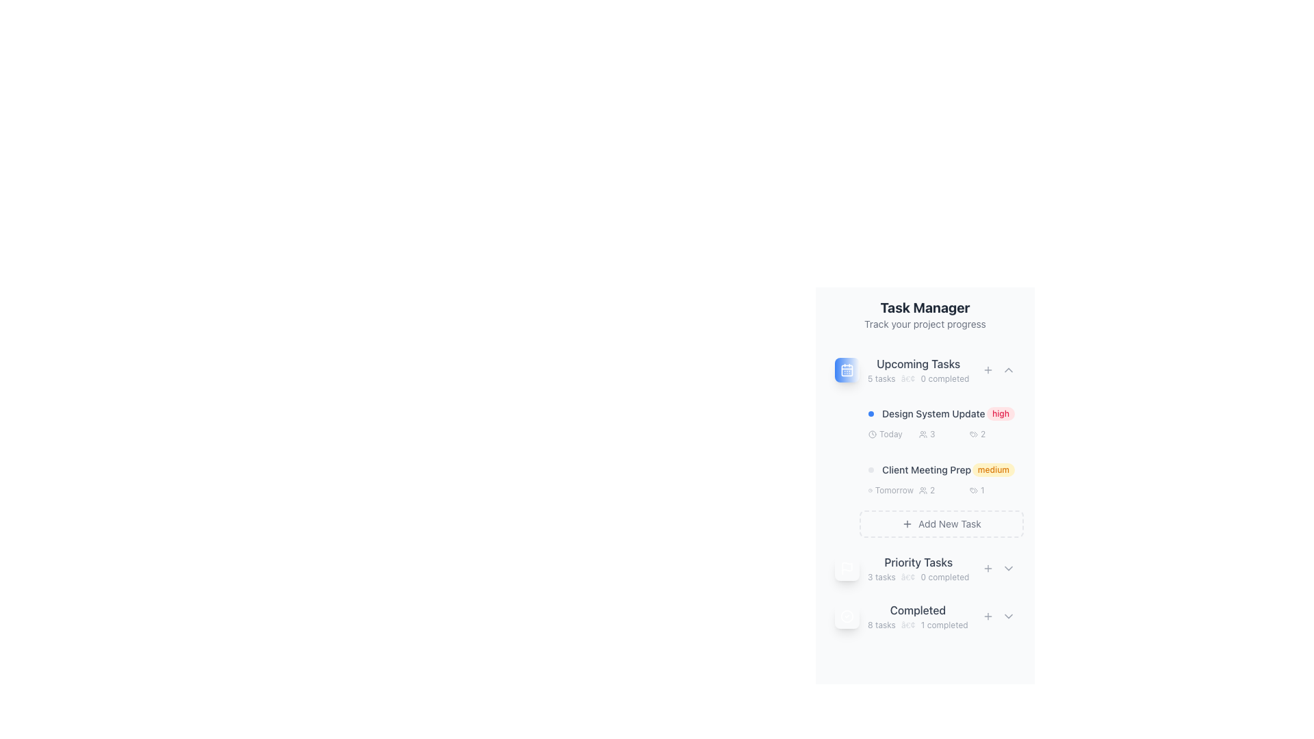 This screenshot has width=1314, height=739. Describe the element at coordinates (901, 617) in the screenshot. I see `the checkmark icon in the 'Completed' section of the 'Task Manager' interface to mark the tasks as reviewed` at that location.